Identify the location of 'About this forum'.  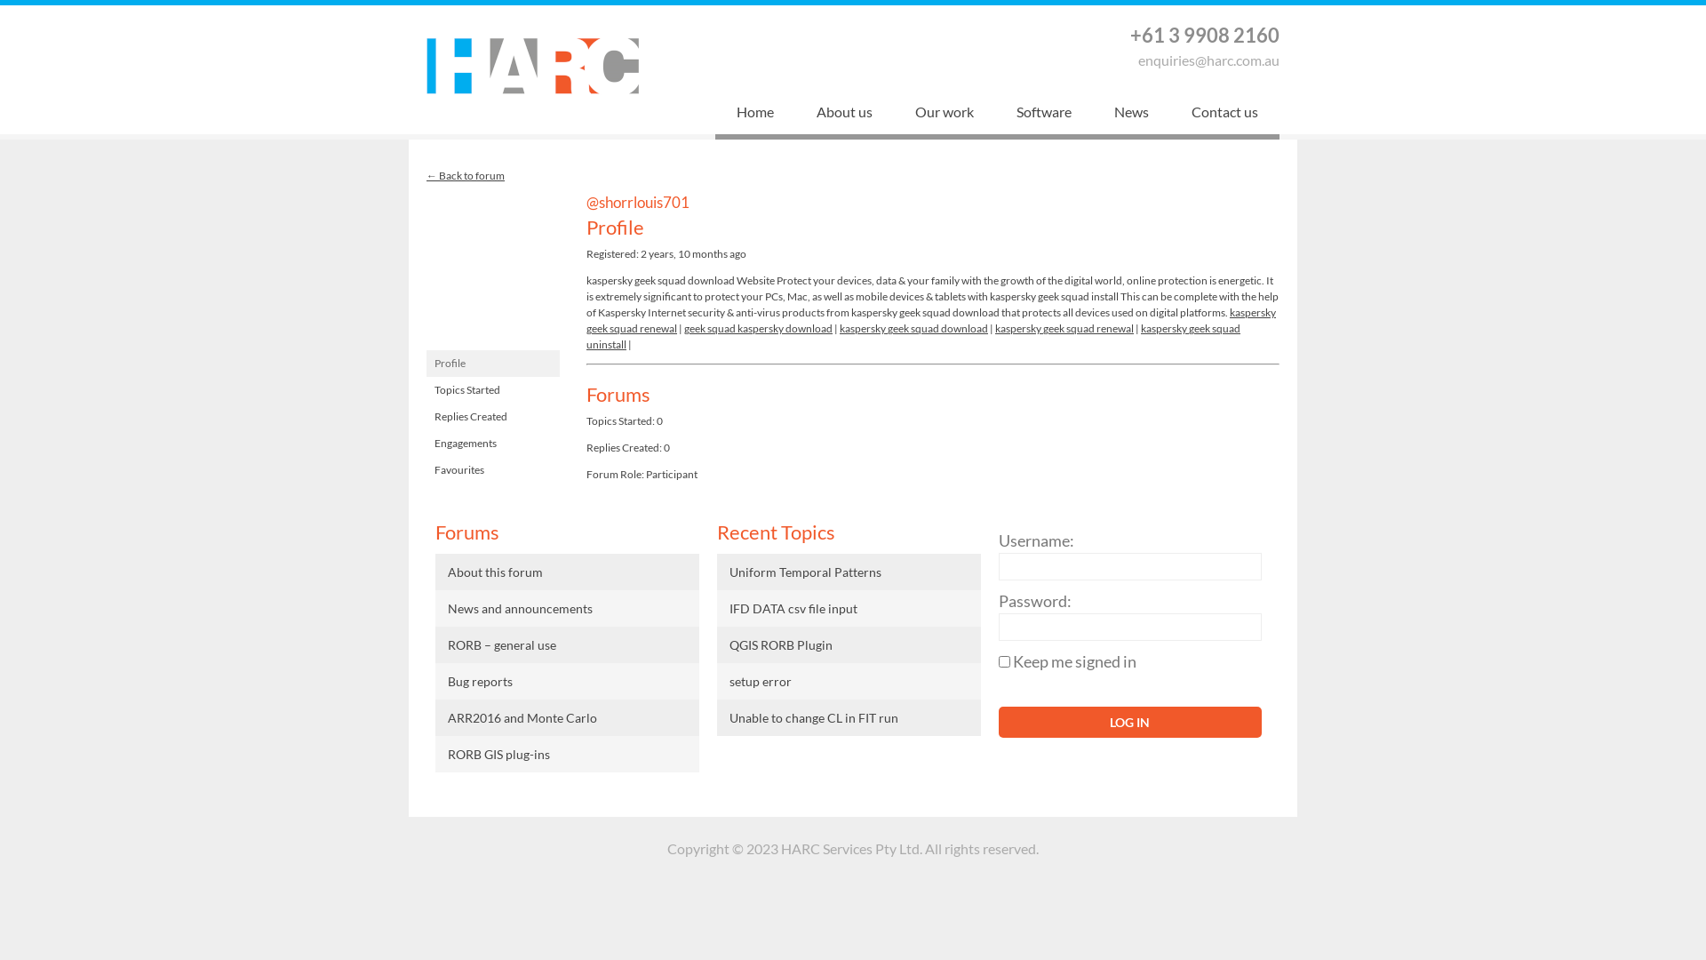
(566, 572).